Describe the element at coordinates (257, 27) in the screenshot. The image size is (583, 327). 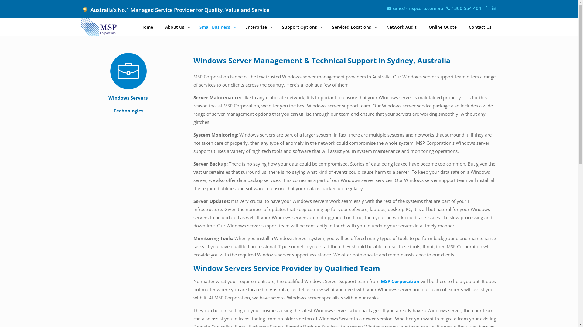
I see `'Enterprise'` at that location.